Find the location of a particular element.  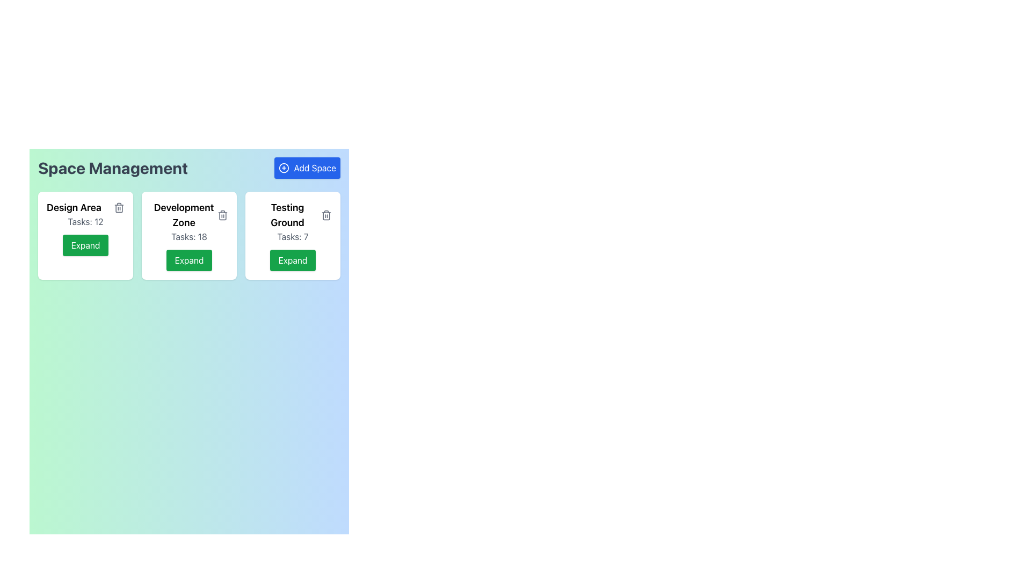

the 'Expand' button with a green background and white text is located at coordinates (85, 245).